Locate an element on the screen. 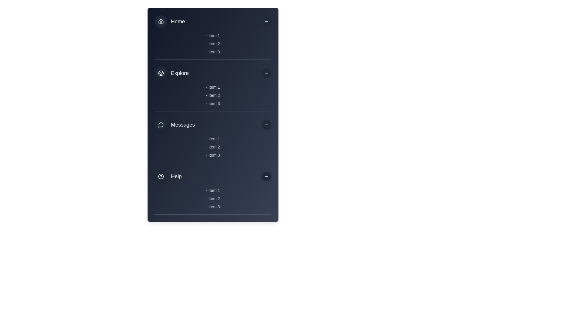 The width and height of the screenshot is (561, 315). the text element reading '- Item 1', which is the first item in the vertical list under the 'Help' section is located at coordinates (213, 190).